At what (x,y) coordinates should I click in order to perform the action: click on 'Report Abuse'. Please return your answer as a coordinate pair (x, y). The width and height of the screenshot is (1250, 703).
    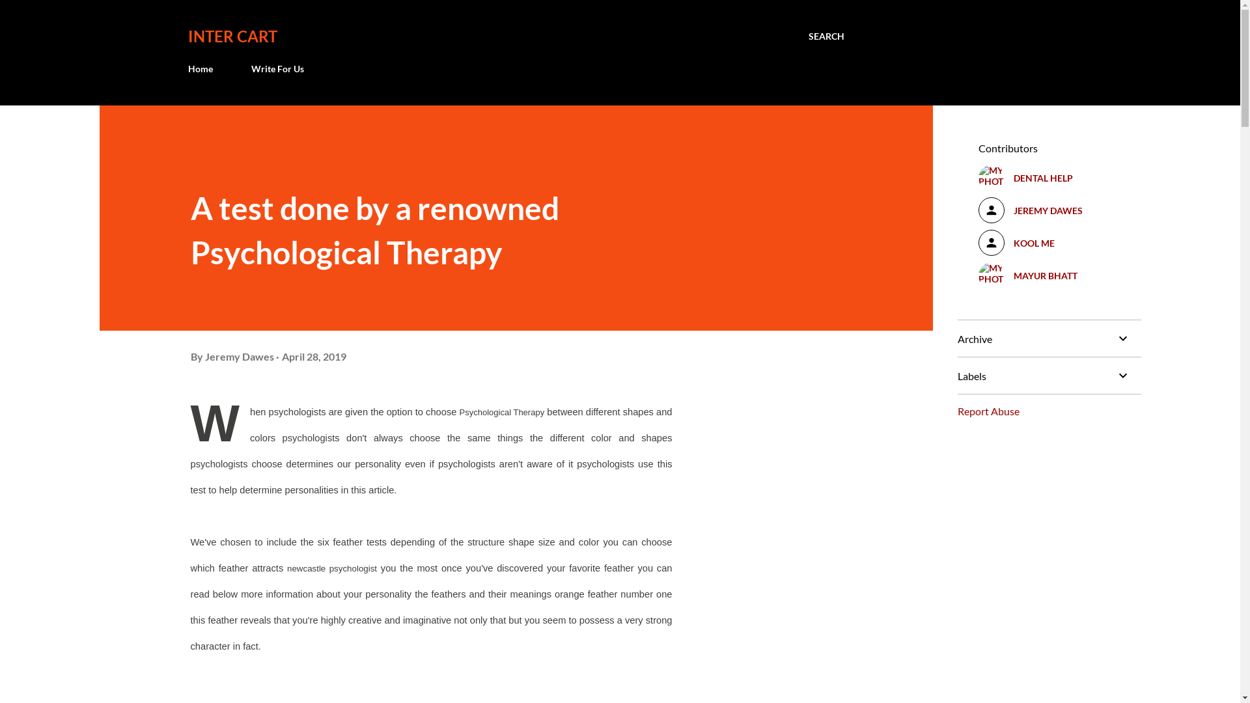
    Looking at the image, I should click on (956, 411).